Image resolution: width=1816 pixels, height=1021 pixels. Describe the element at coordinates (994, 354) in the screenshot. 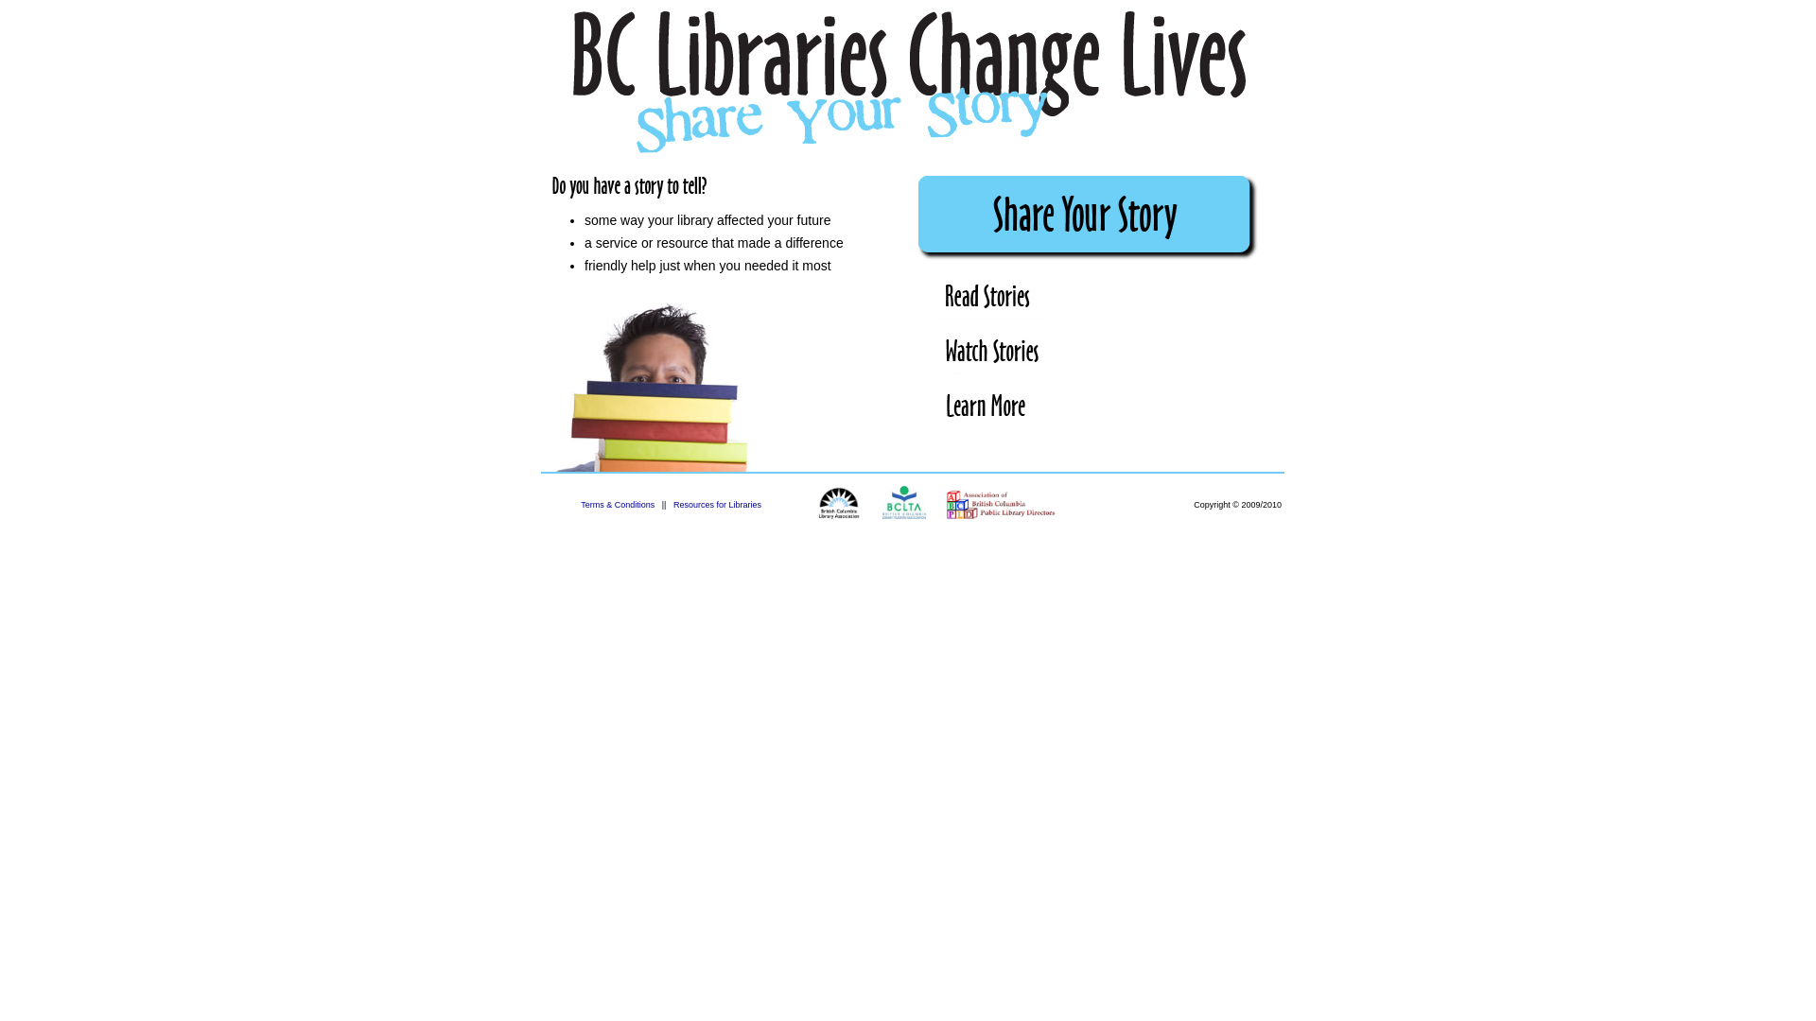

I see `'Watch Stories'` at that location.